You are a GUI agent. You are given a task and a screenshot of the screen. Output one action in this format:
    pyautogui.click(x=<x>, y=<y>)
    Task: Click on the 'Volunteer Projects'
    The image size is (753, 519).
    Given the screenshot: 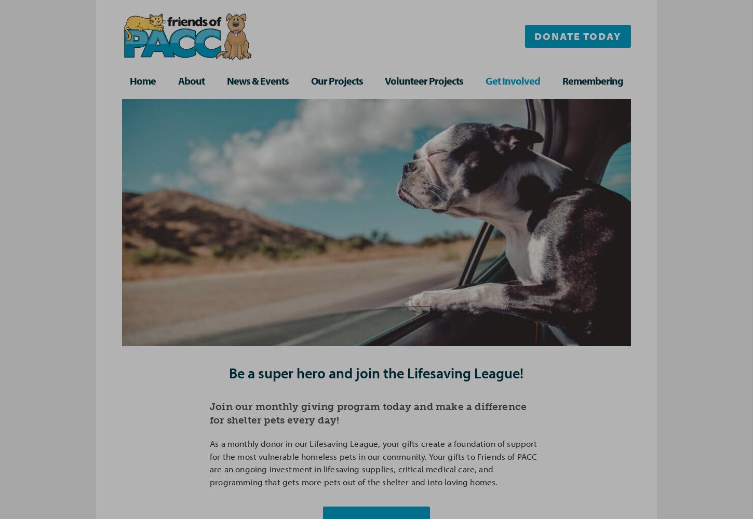 What is the action you would take?
    pyautogui.click(x=424, y=80)
    